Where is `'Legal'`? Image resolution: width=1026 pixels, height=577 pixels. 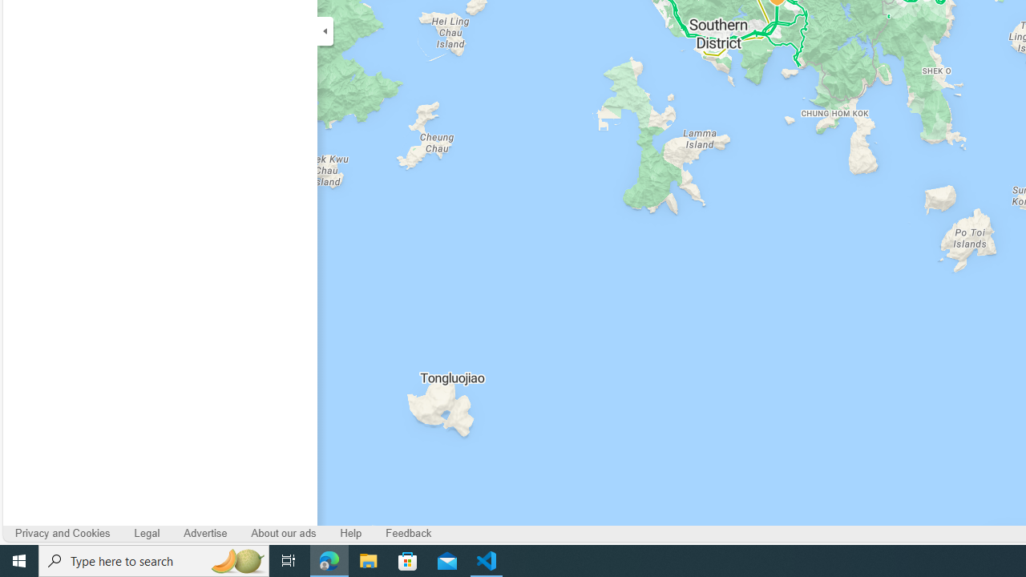 'Legal' is located at coordinates (147, 534).